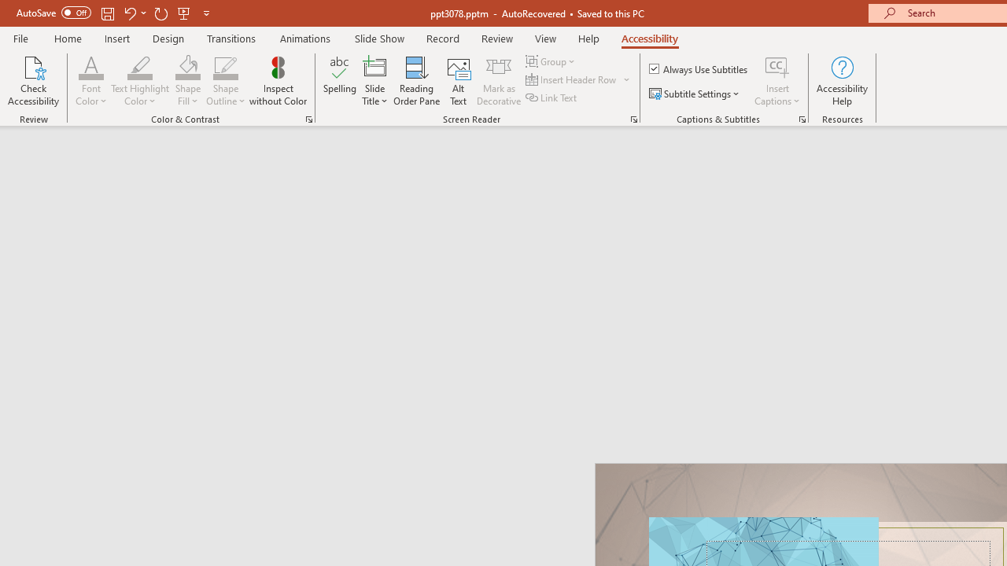 This screenshot has width=1007, height=566. What do you see at coordinates (633, 118) in the screenshot?
I see `'Screen Reader'` at bounding box center [633, 118].